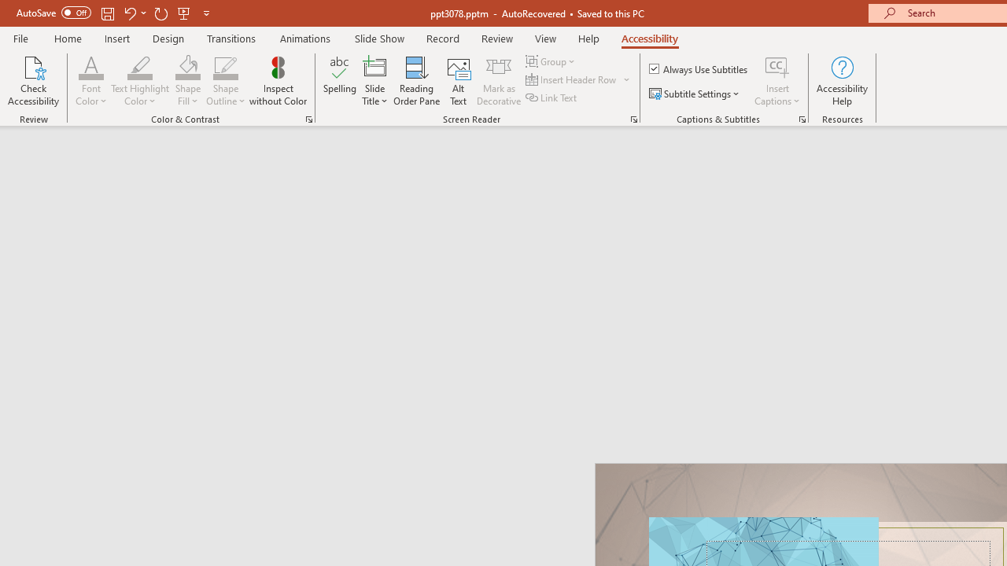 This screenshot has width=1007, height=566. What do you see at coordinates (633, 118) in the screenshot?
I see `'Screen Reader'` at bounding box center [633, 118].